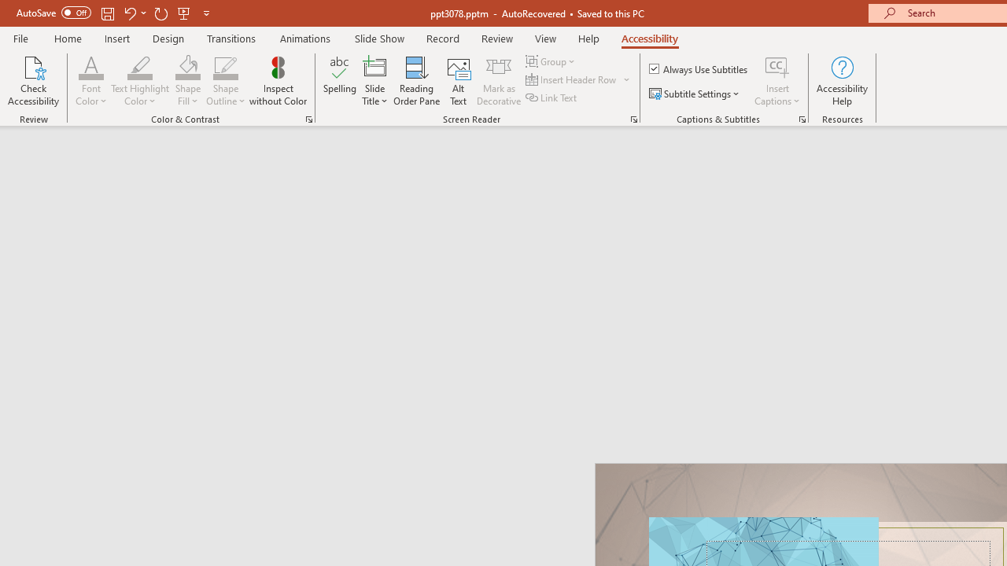 This screenshot has width=1007, height=566. What do you see at coordinates (633, 118) in the screenshot?
I see `'Screen Reader'` at bounding box center [633, 118].